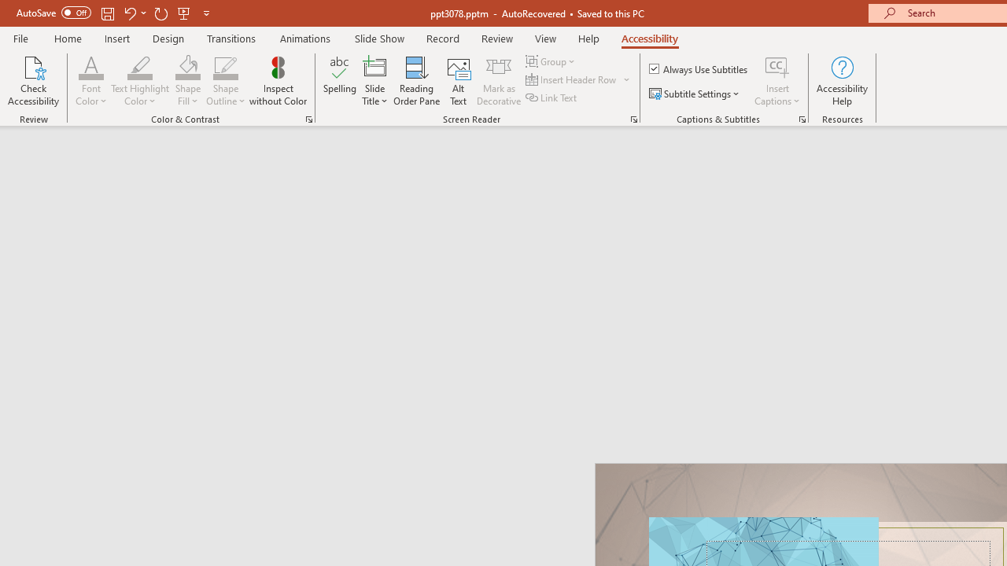 This screenshot has width=1007, height=566. What do you see at coordinates (633, 118) in the screenshot?
I see `'Screen Reader'` at bounding box center [633, 118].